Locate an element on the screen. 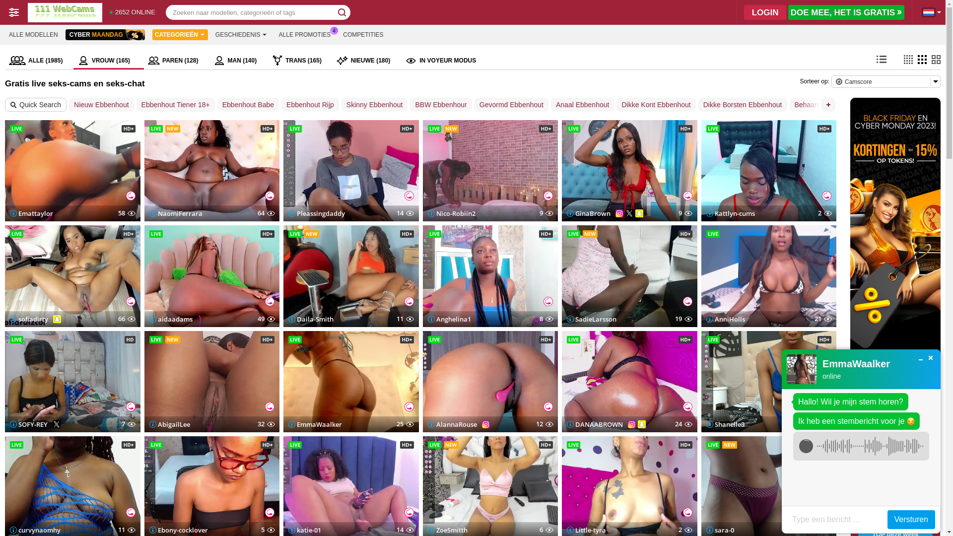 Image resolution: width=953 pixels, height=536 pixels. 'Skinny Ebbenhout' is located at coordinates (374, 105).